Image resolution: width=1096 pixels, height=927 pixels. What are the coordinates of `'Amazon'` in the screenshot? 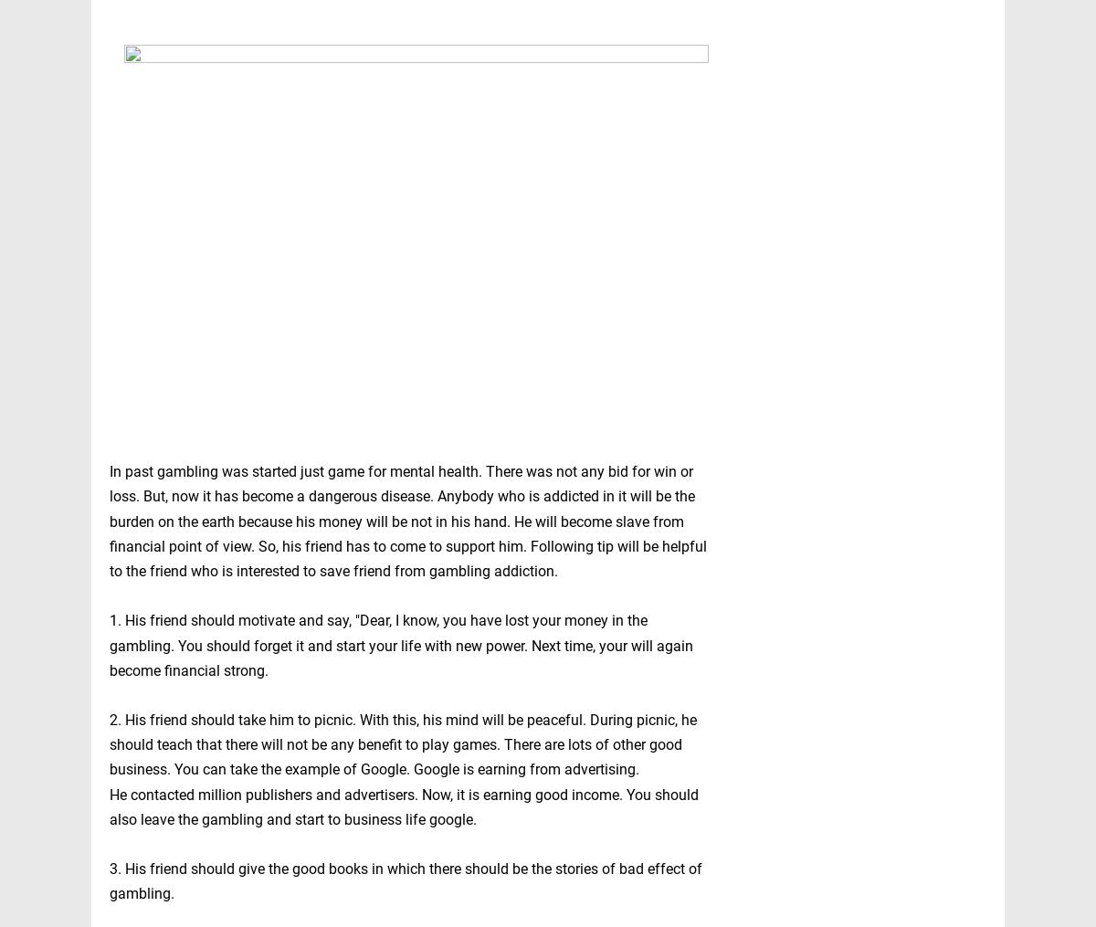 It's located at (812, 887).